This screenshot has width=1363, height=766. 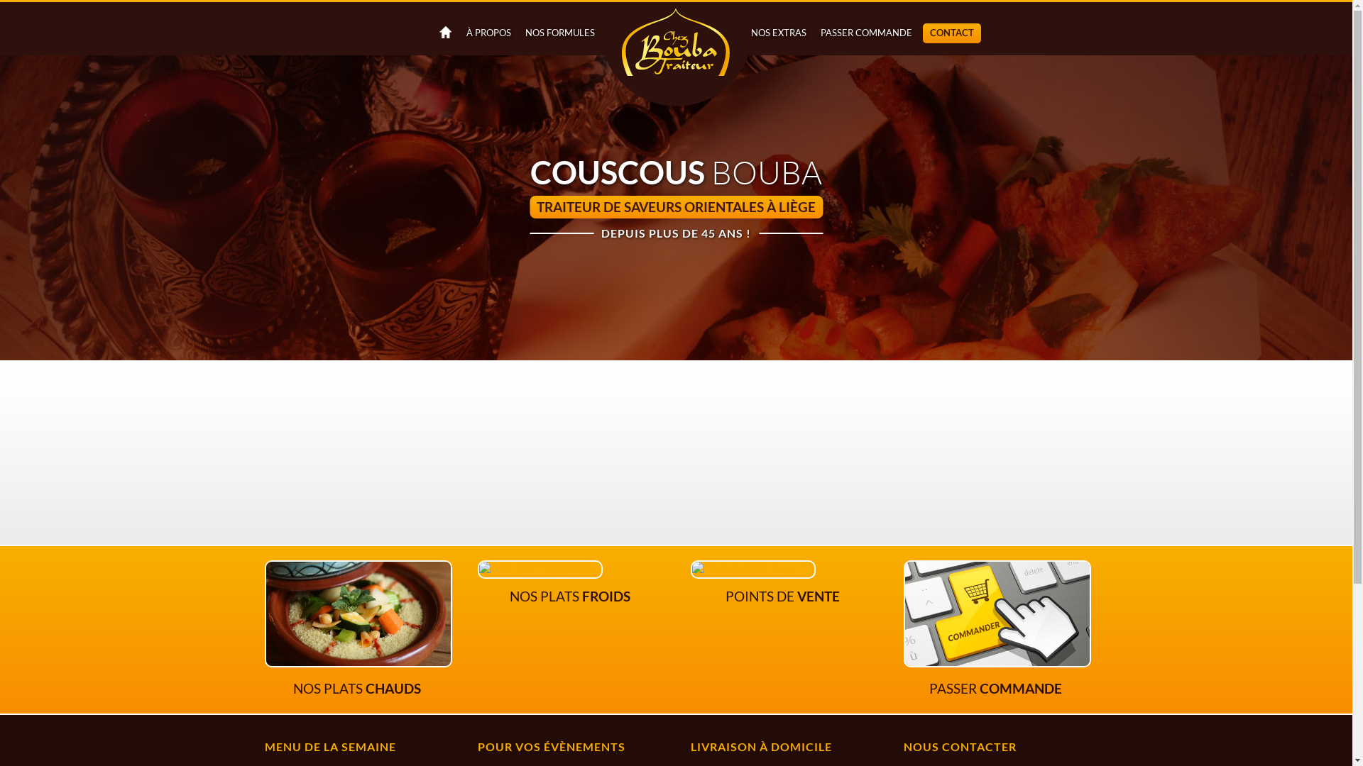 I want to click on 'Chez Bouba Traiteur', so click(x=674, y=55).